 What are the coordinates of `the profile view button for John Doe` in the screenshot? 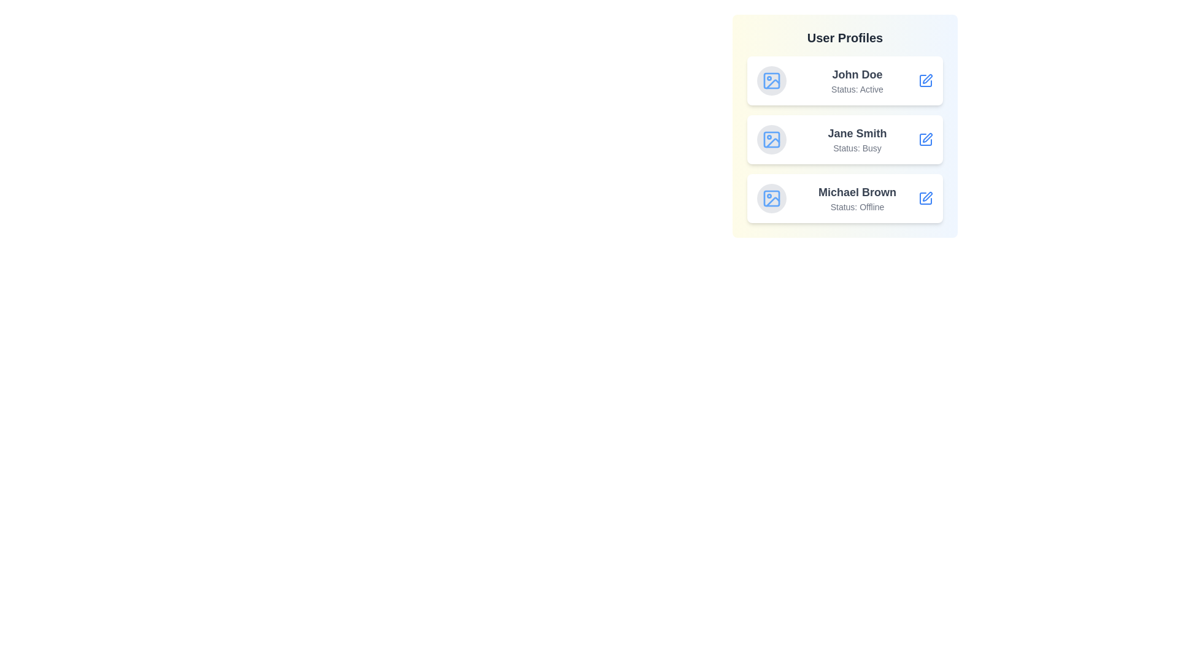 It's located at (925, 80).